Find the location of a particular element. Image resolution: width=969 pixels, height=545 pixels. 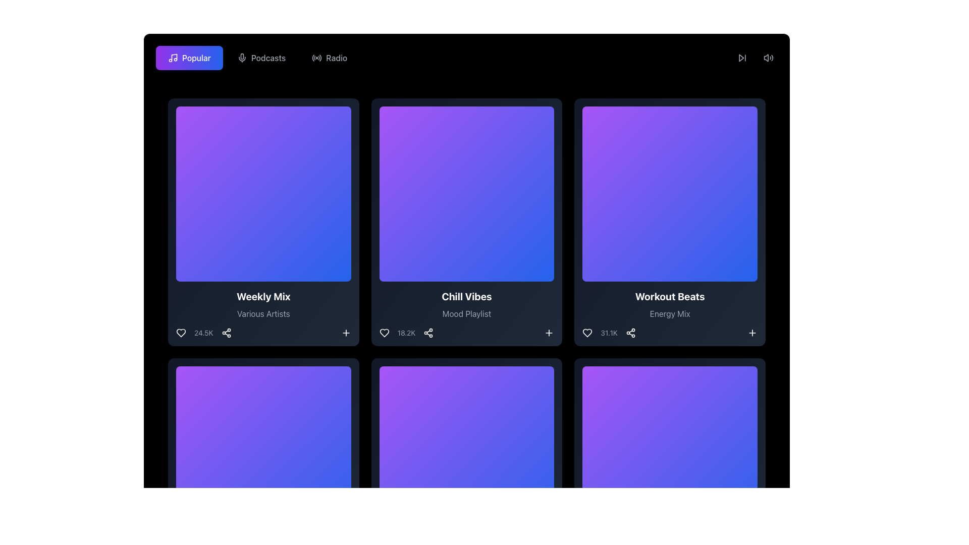

the text label 'Mood Playlist' styled in light gray, located below 'Chill Vibes' in the card layout is located at coordinates (466, 313).